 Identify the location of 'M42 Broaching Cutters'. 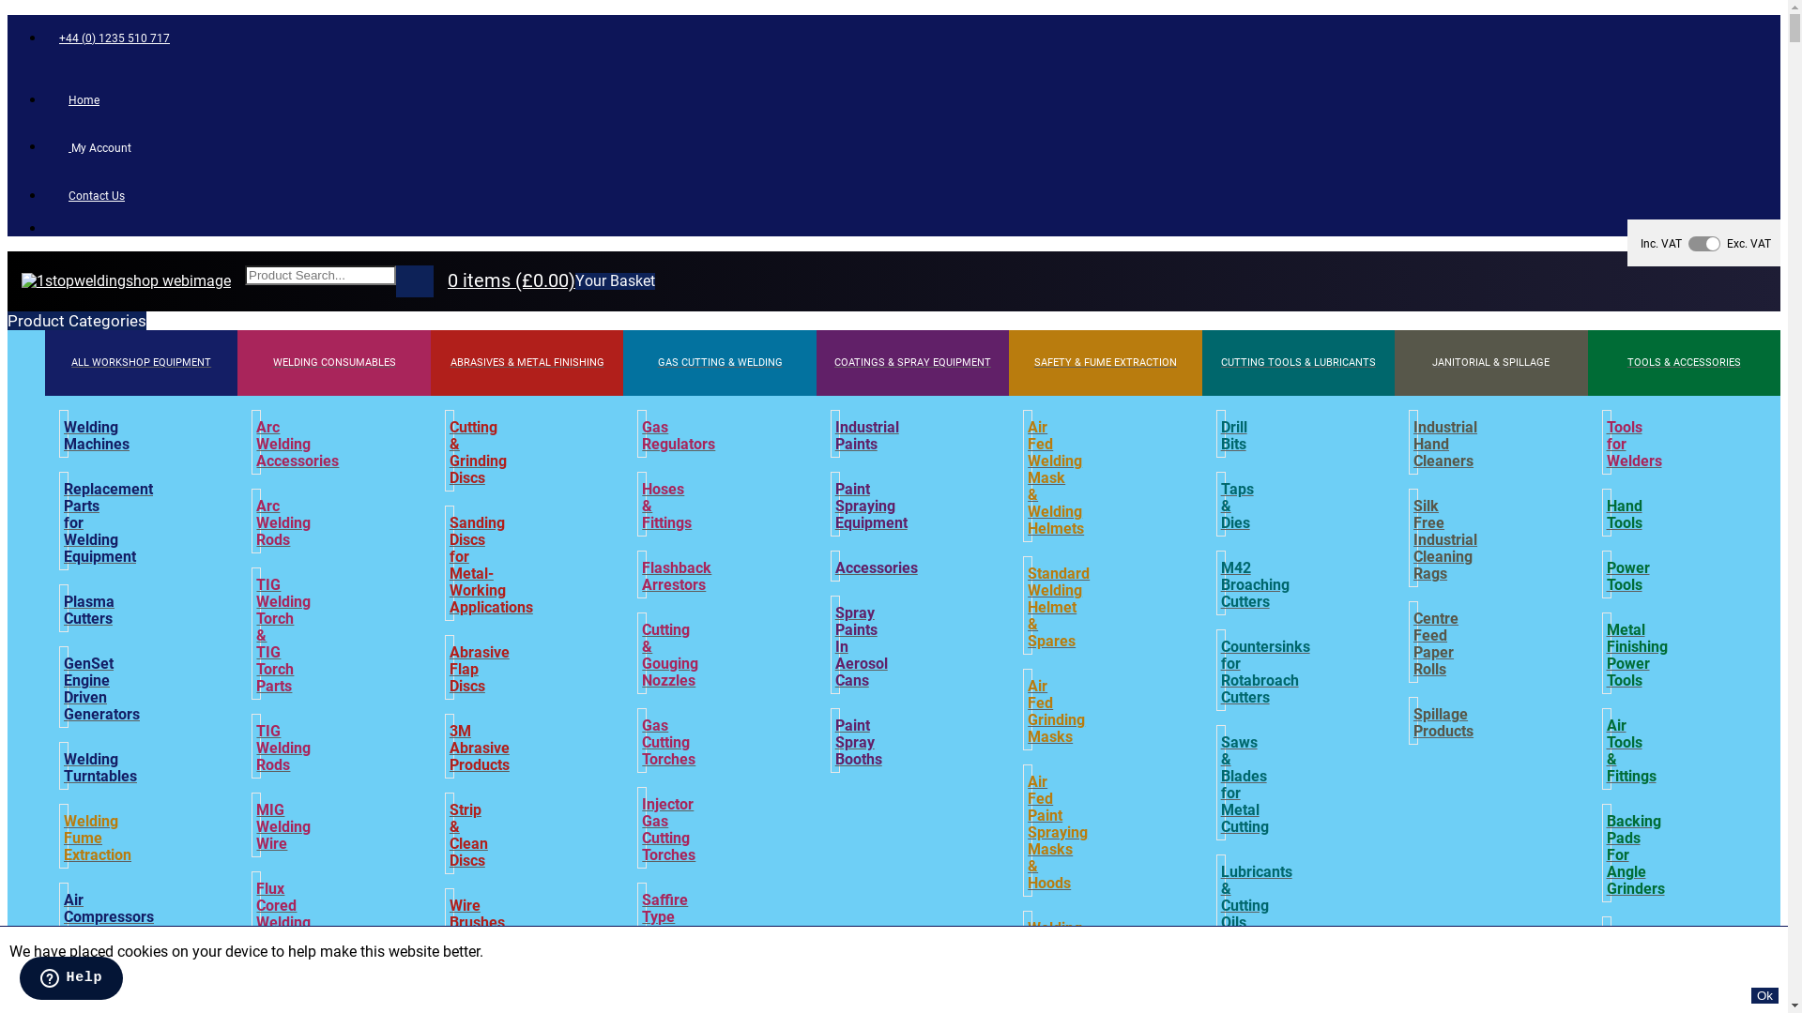
(1255, 584).